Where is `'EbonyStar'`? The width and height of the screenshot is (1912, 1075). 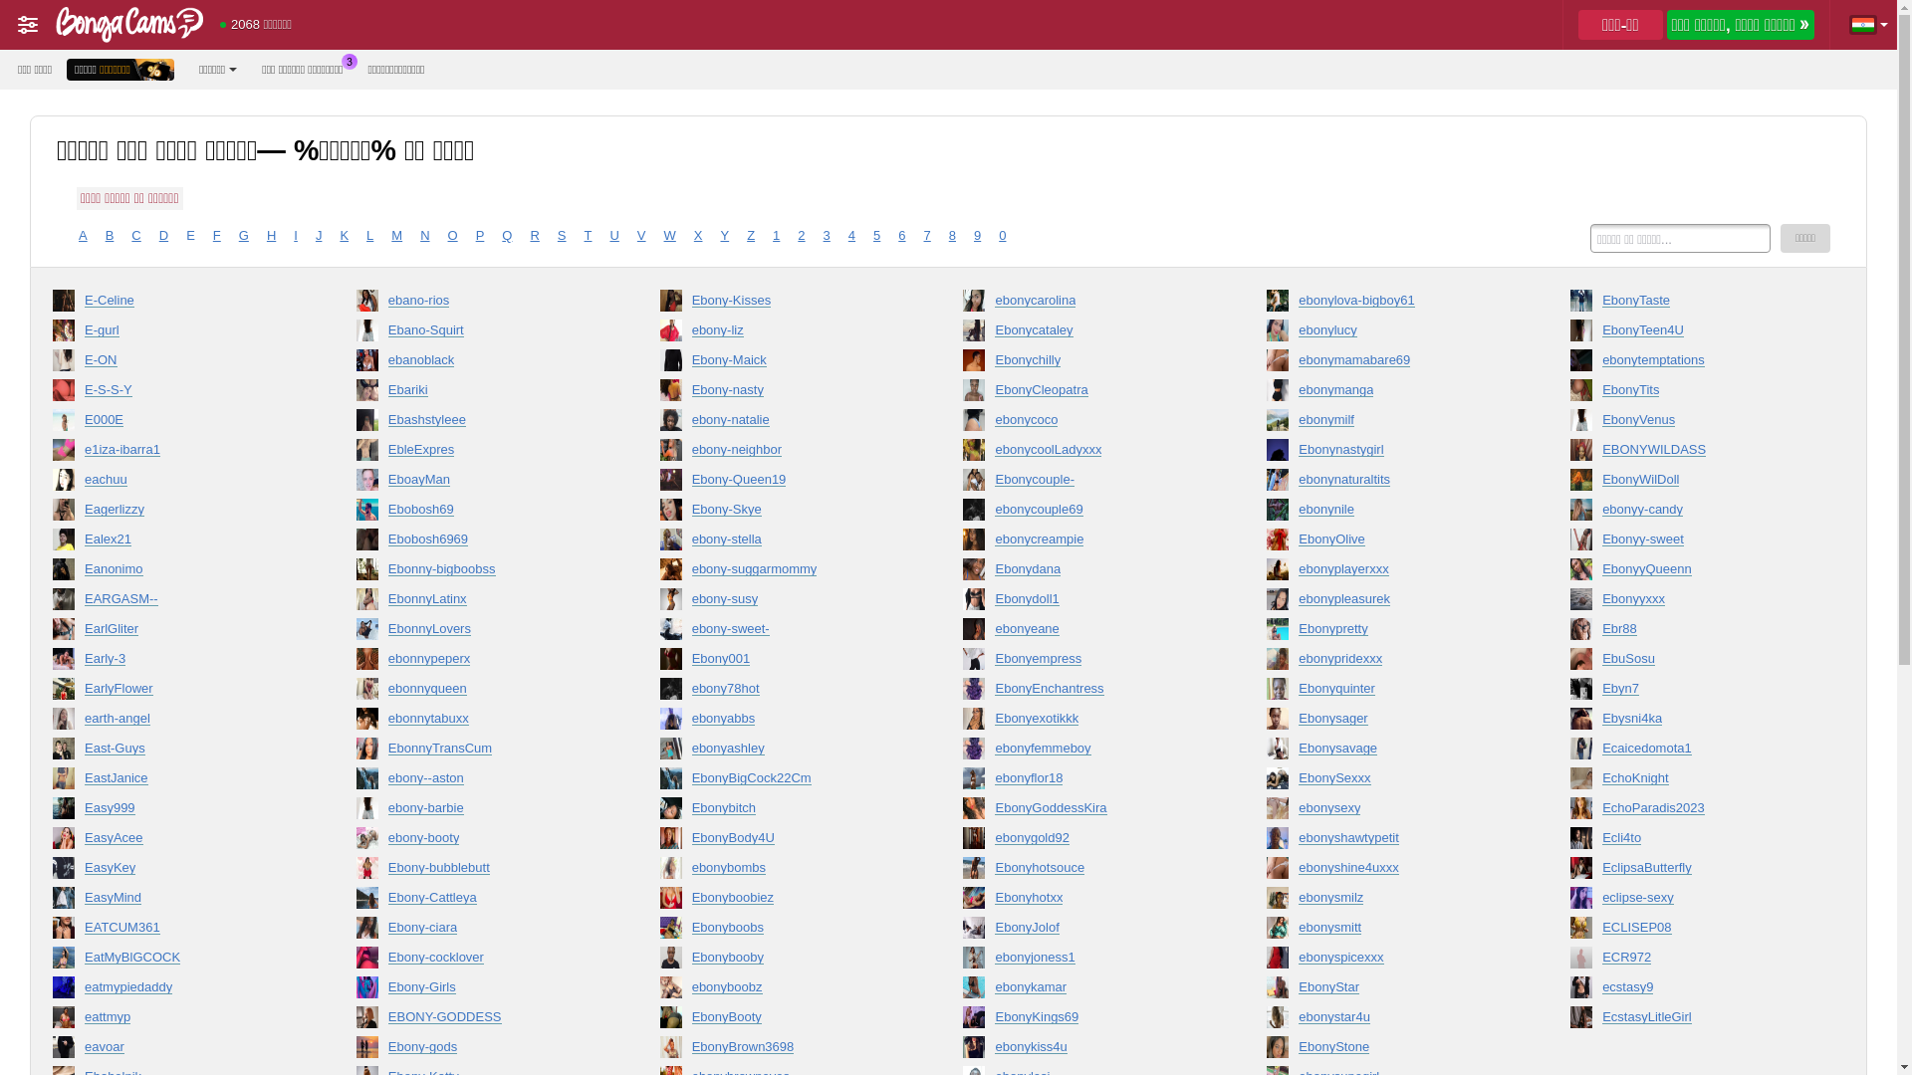 'EbonyStar' is located at coordinates (1389, 990).